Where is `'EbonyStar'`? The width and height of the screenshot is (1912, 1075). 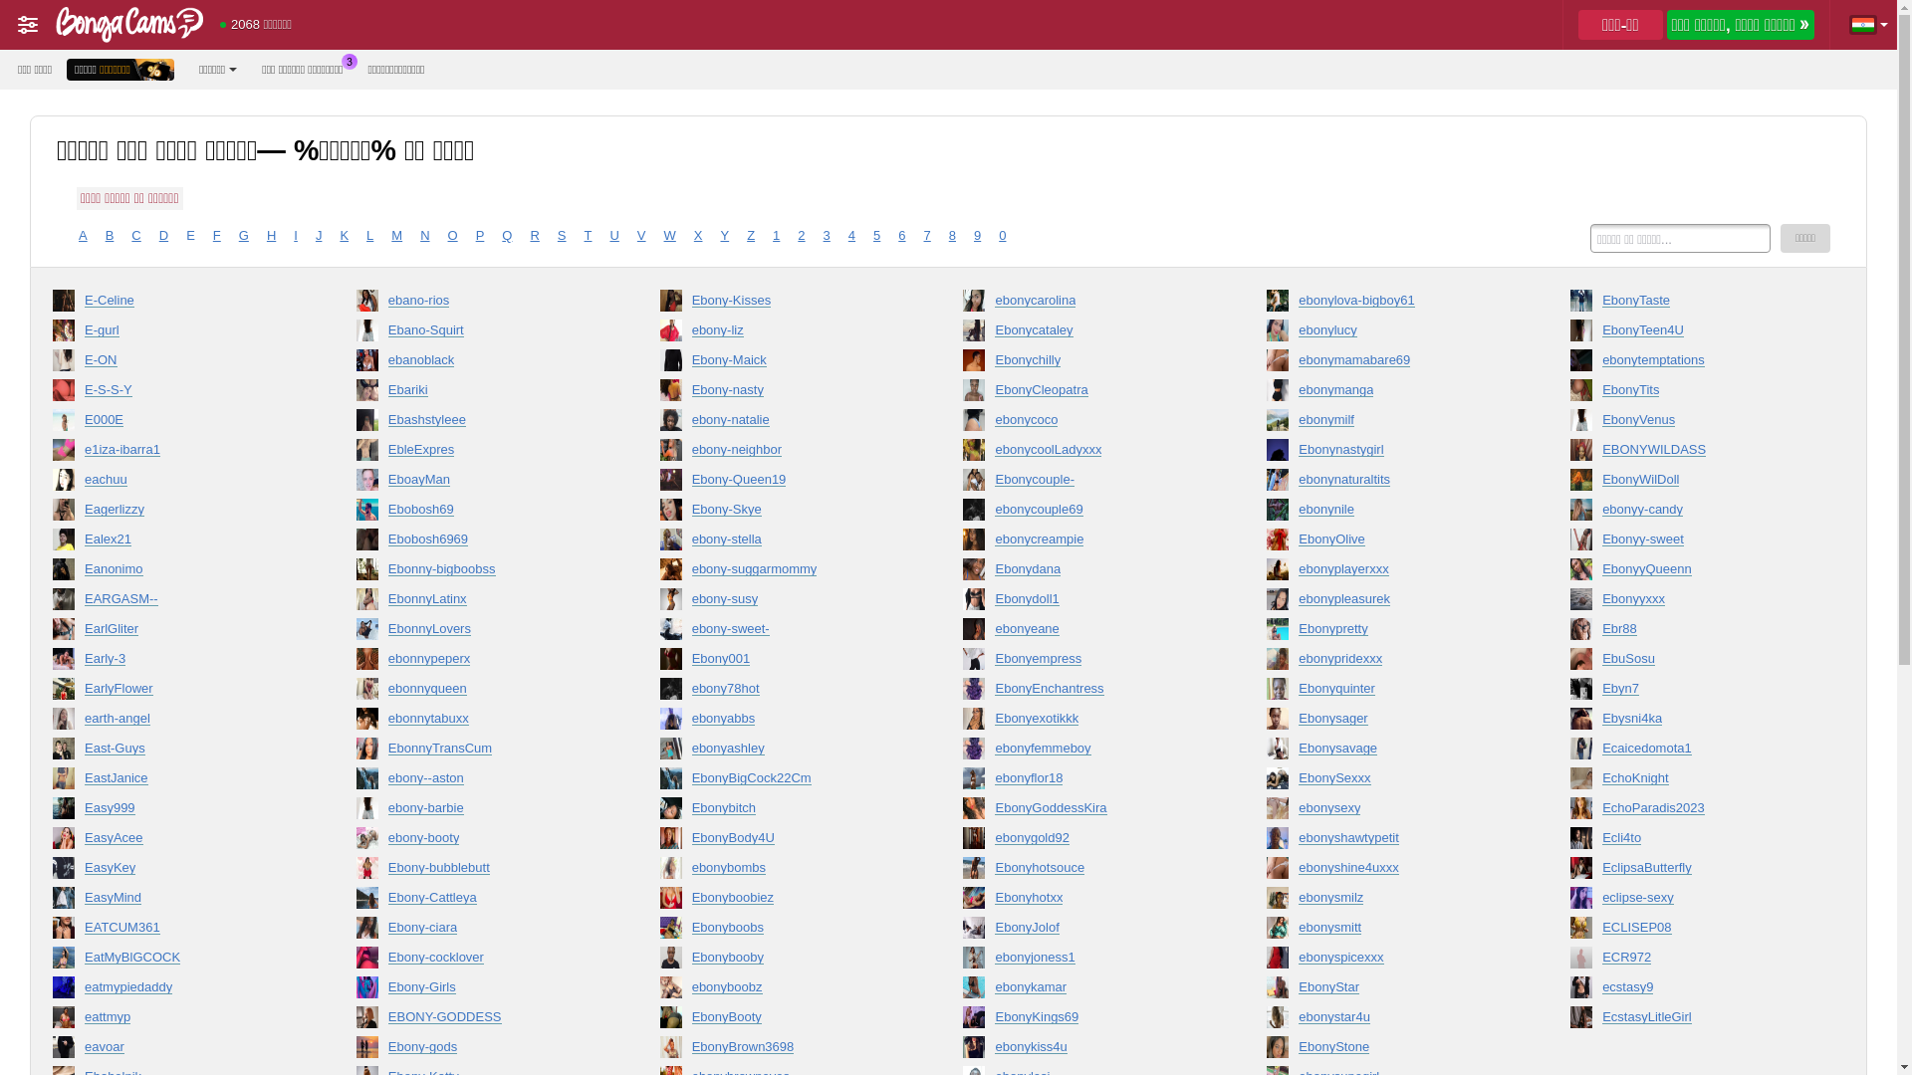 'EbonyStar' is located at coordinates (1389, 990).